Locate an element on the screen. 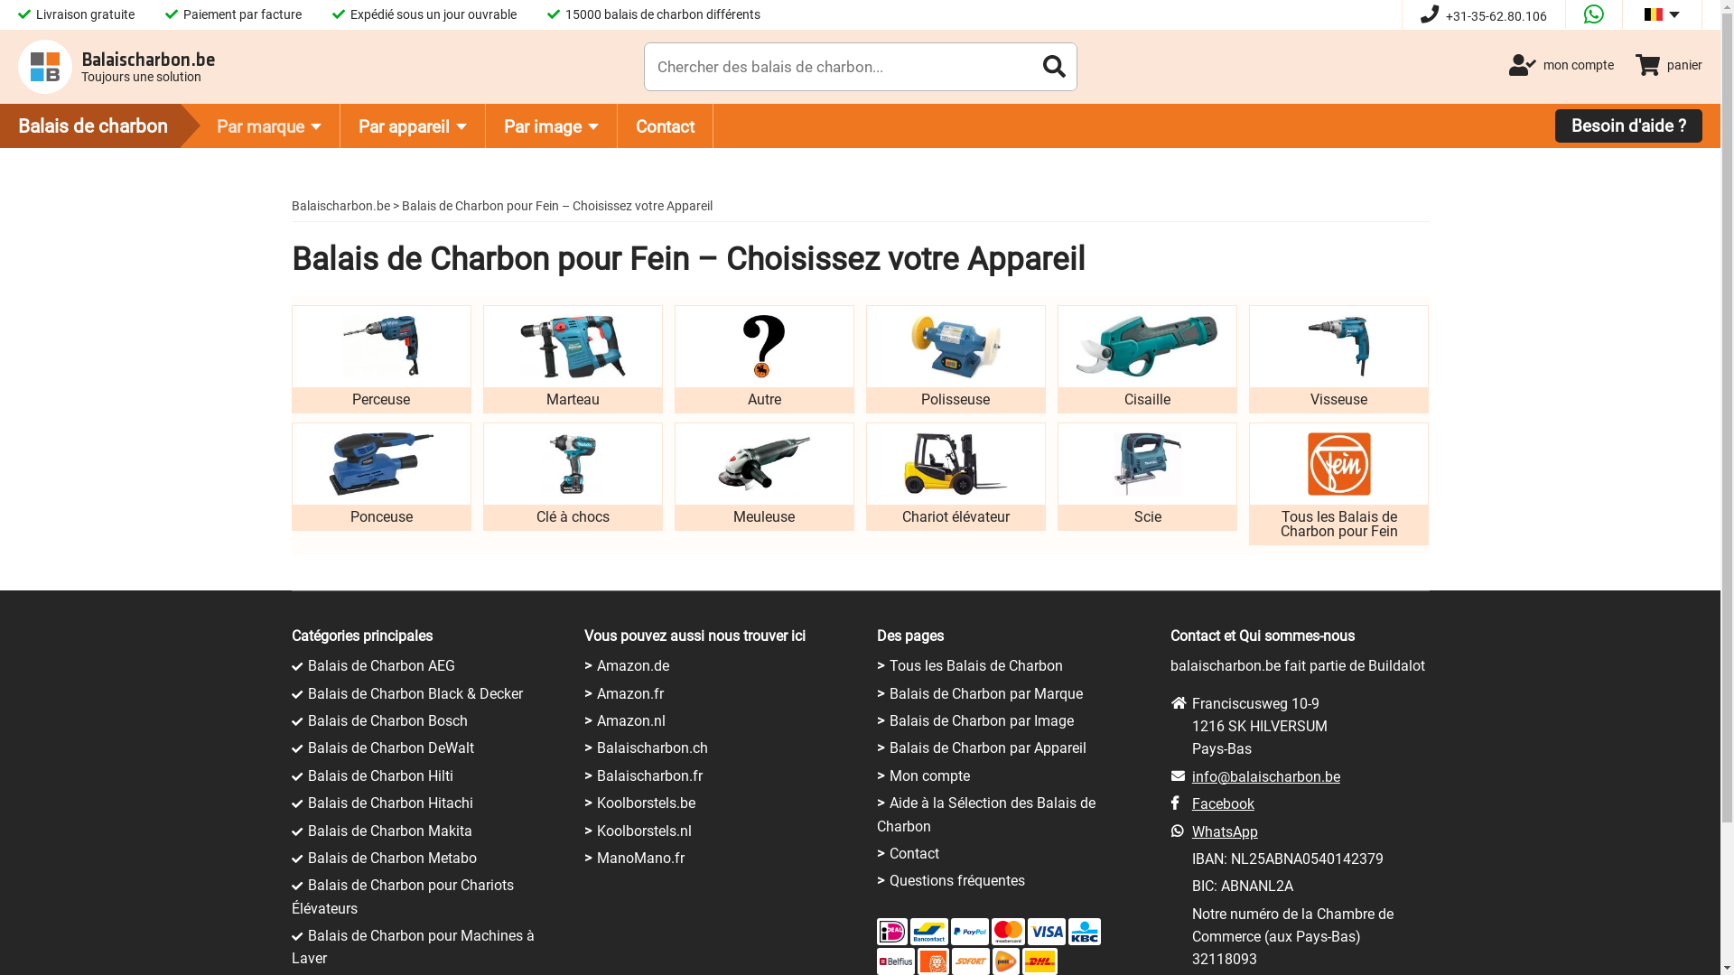 Image resolution: width=1734 pixels, height=975 pixels. 'KBC-logo' is located at coordinates (1084, 932).